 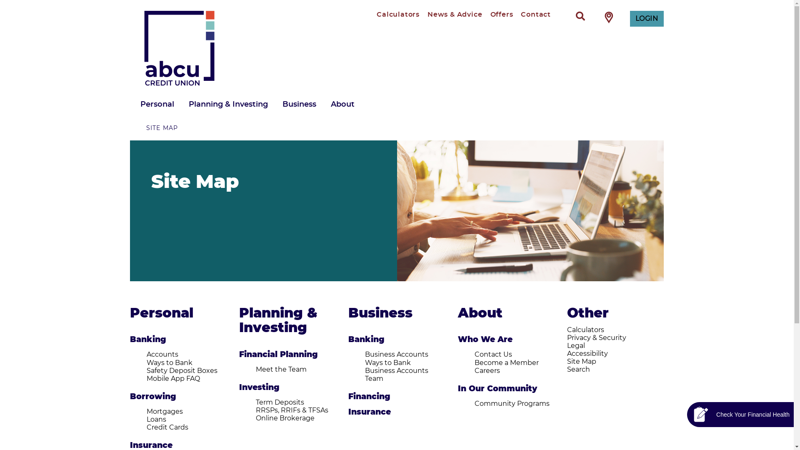 I want to click on 'Accessibility', so click(x=567, y=353).